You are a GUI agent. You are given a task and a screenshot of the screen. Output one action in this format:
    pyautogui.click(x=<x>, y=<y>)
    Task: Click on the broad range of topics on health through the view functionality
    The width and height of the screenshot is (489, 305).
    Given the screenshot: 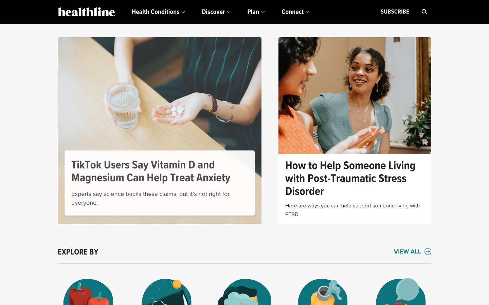 What is the action you would take?
    pyautogui.click(x=412, y=252)
    